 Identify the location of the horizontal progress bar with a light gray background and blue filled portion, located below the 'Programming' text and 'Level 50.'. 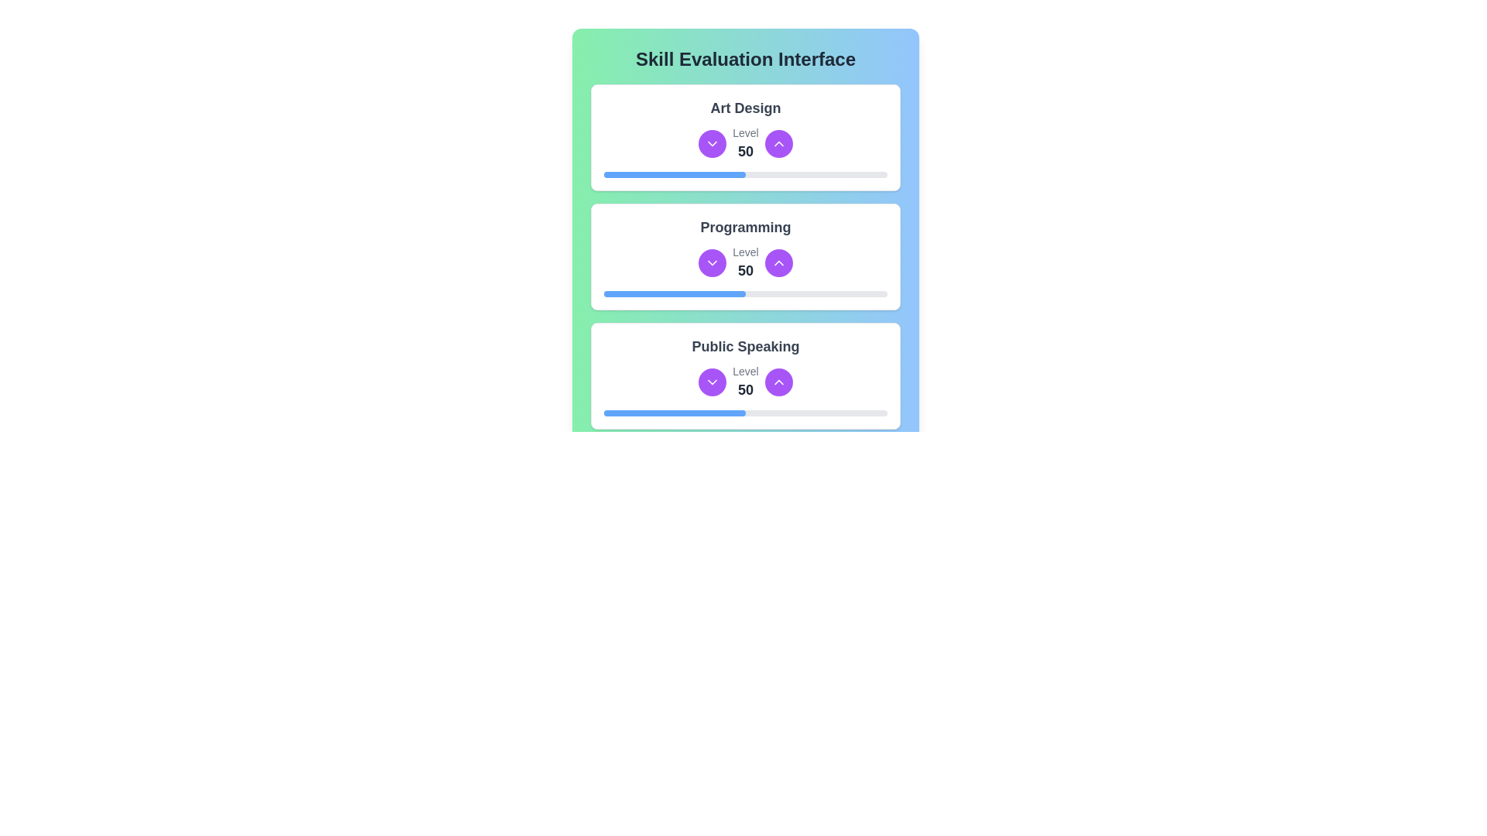
(746, 294).